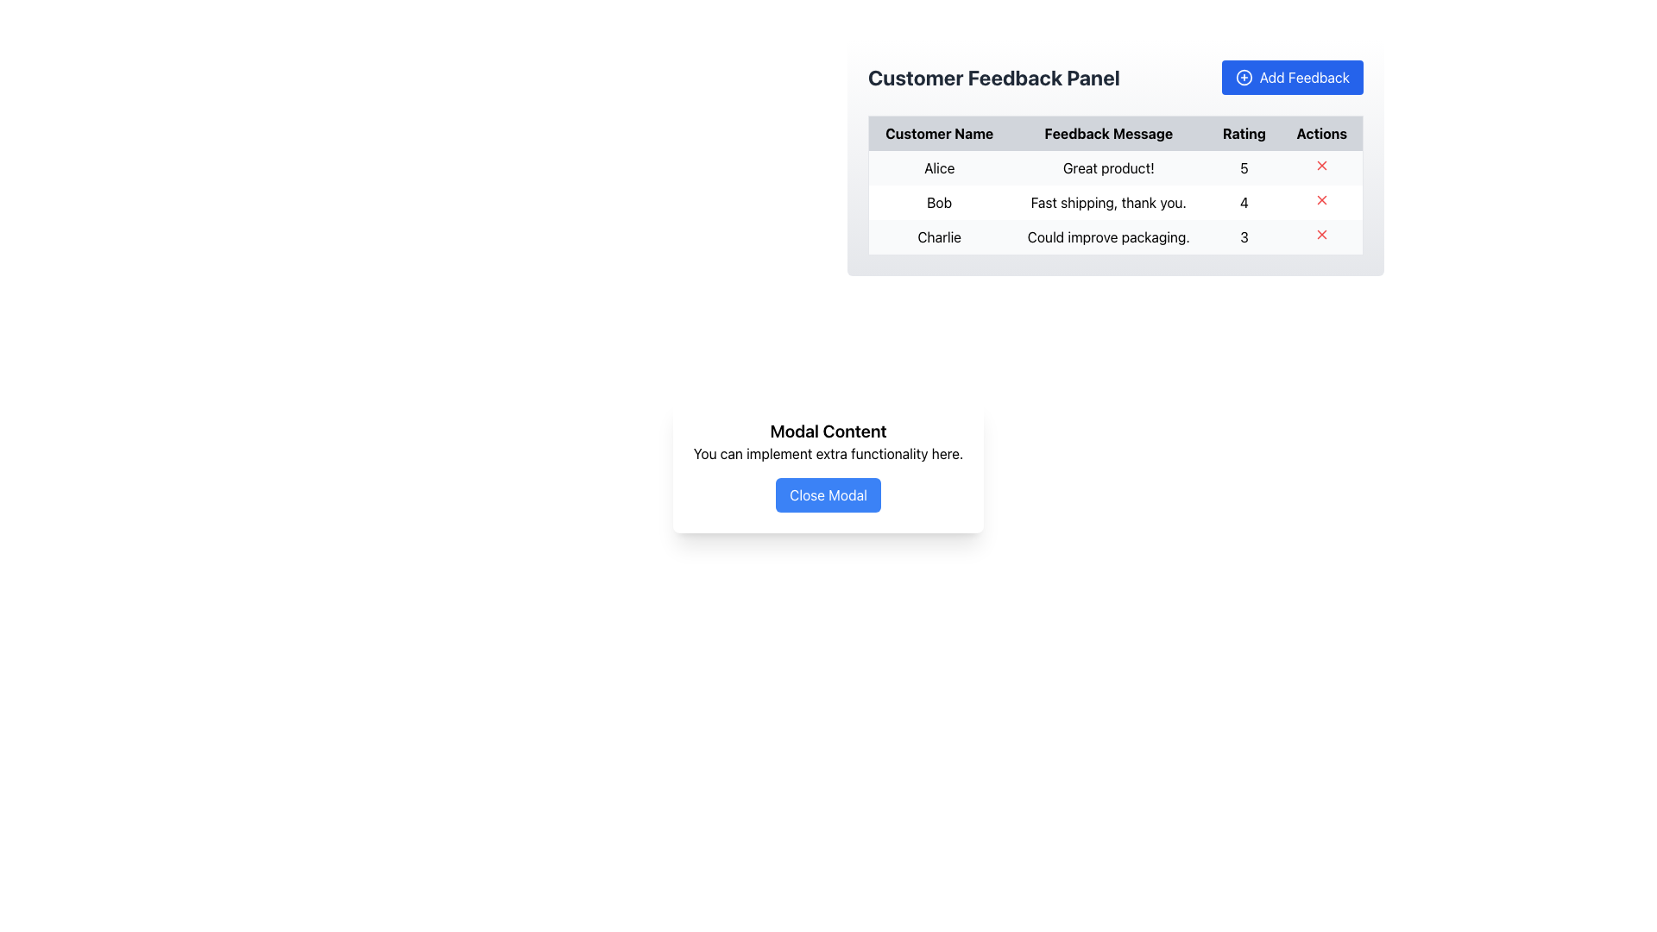 This screenshot has height=932, width=1657. I want to click on the icon that visually represents the action of adding new feedback, located within the 'Add Feedback' button at the top right of the interface, so click(1244, 76).